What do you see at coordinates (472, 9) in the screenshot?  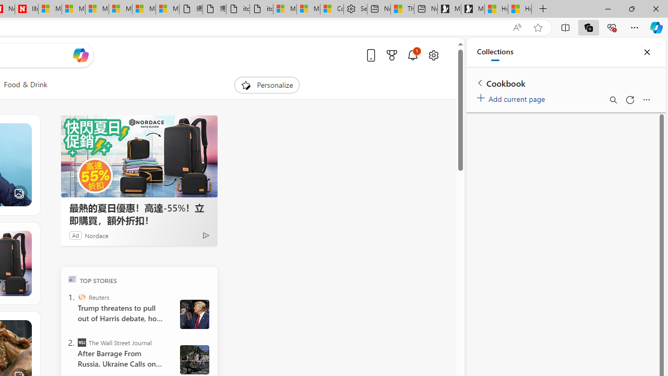 I see `'Microsoft Start Gaming'` at bounding box center [472, 9].